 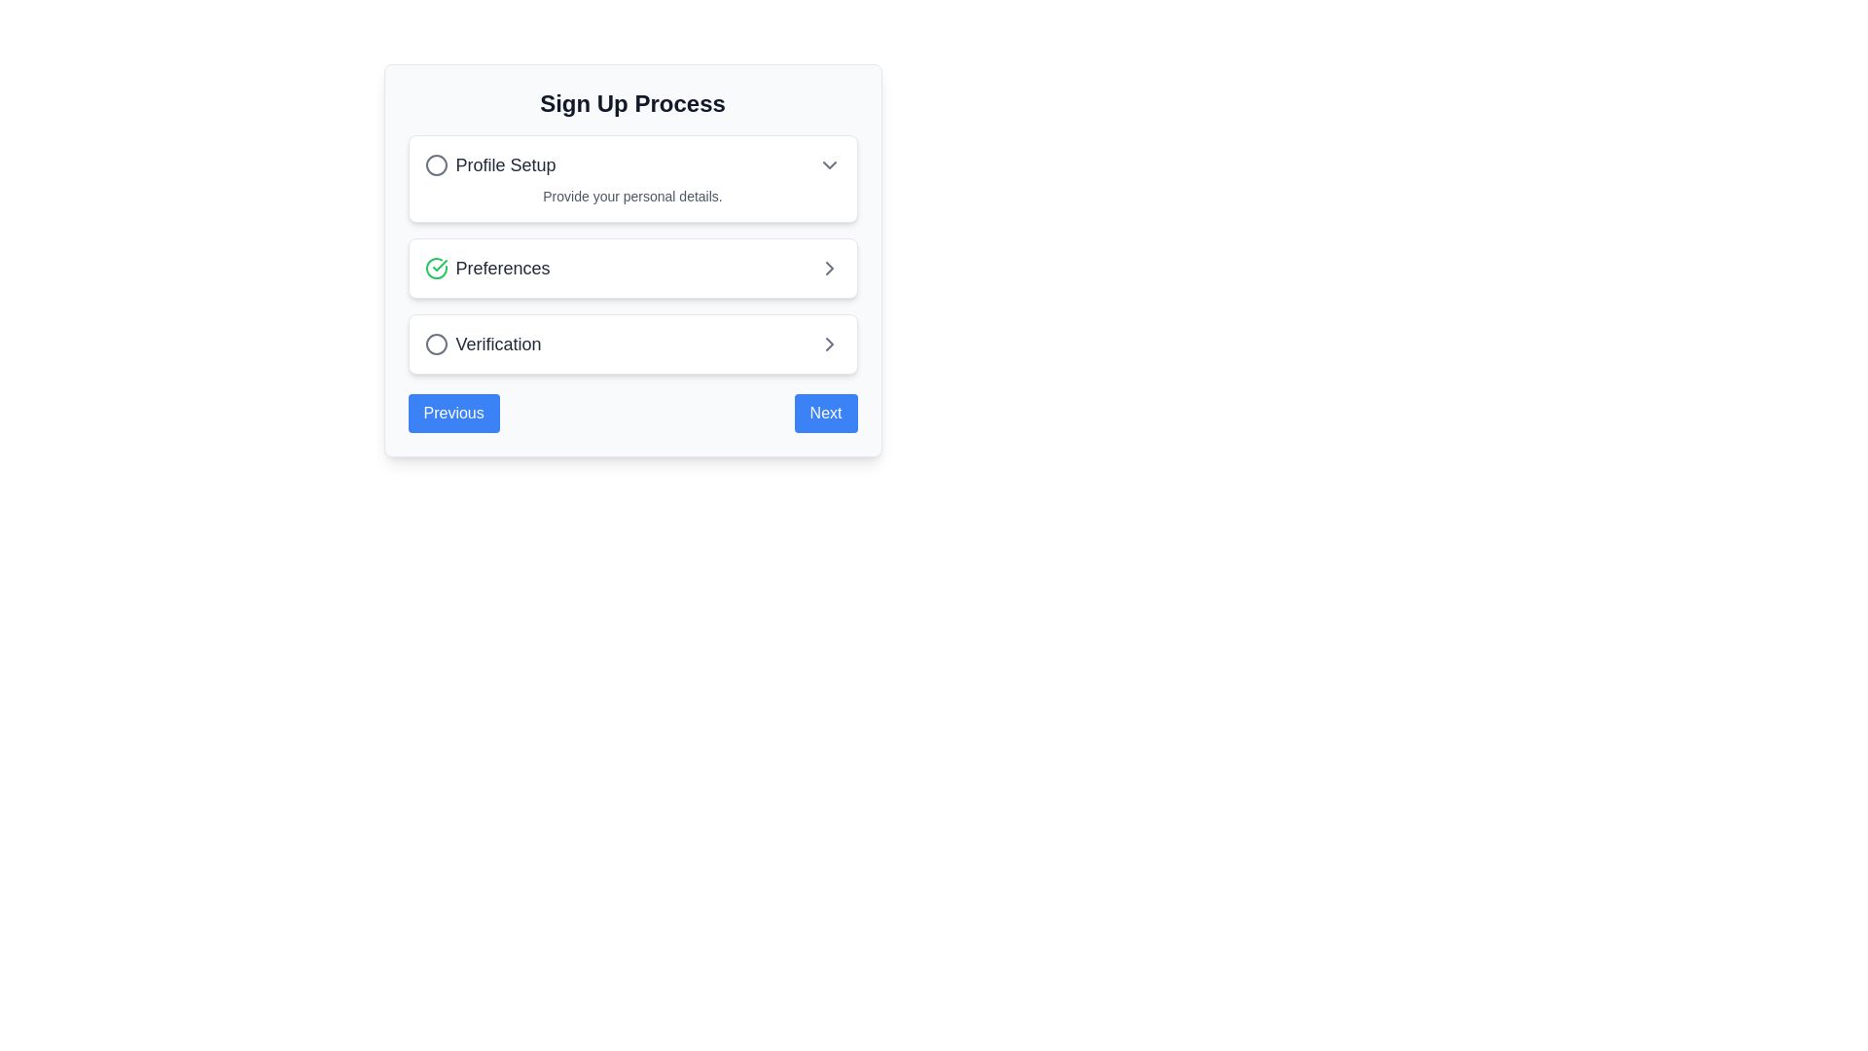 I want to click on the text label that says 'Provide your personal details.' located under the 'Profile Setup' section, so click(x=632, y=196).